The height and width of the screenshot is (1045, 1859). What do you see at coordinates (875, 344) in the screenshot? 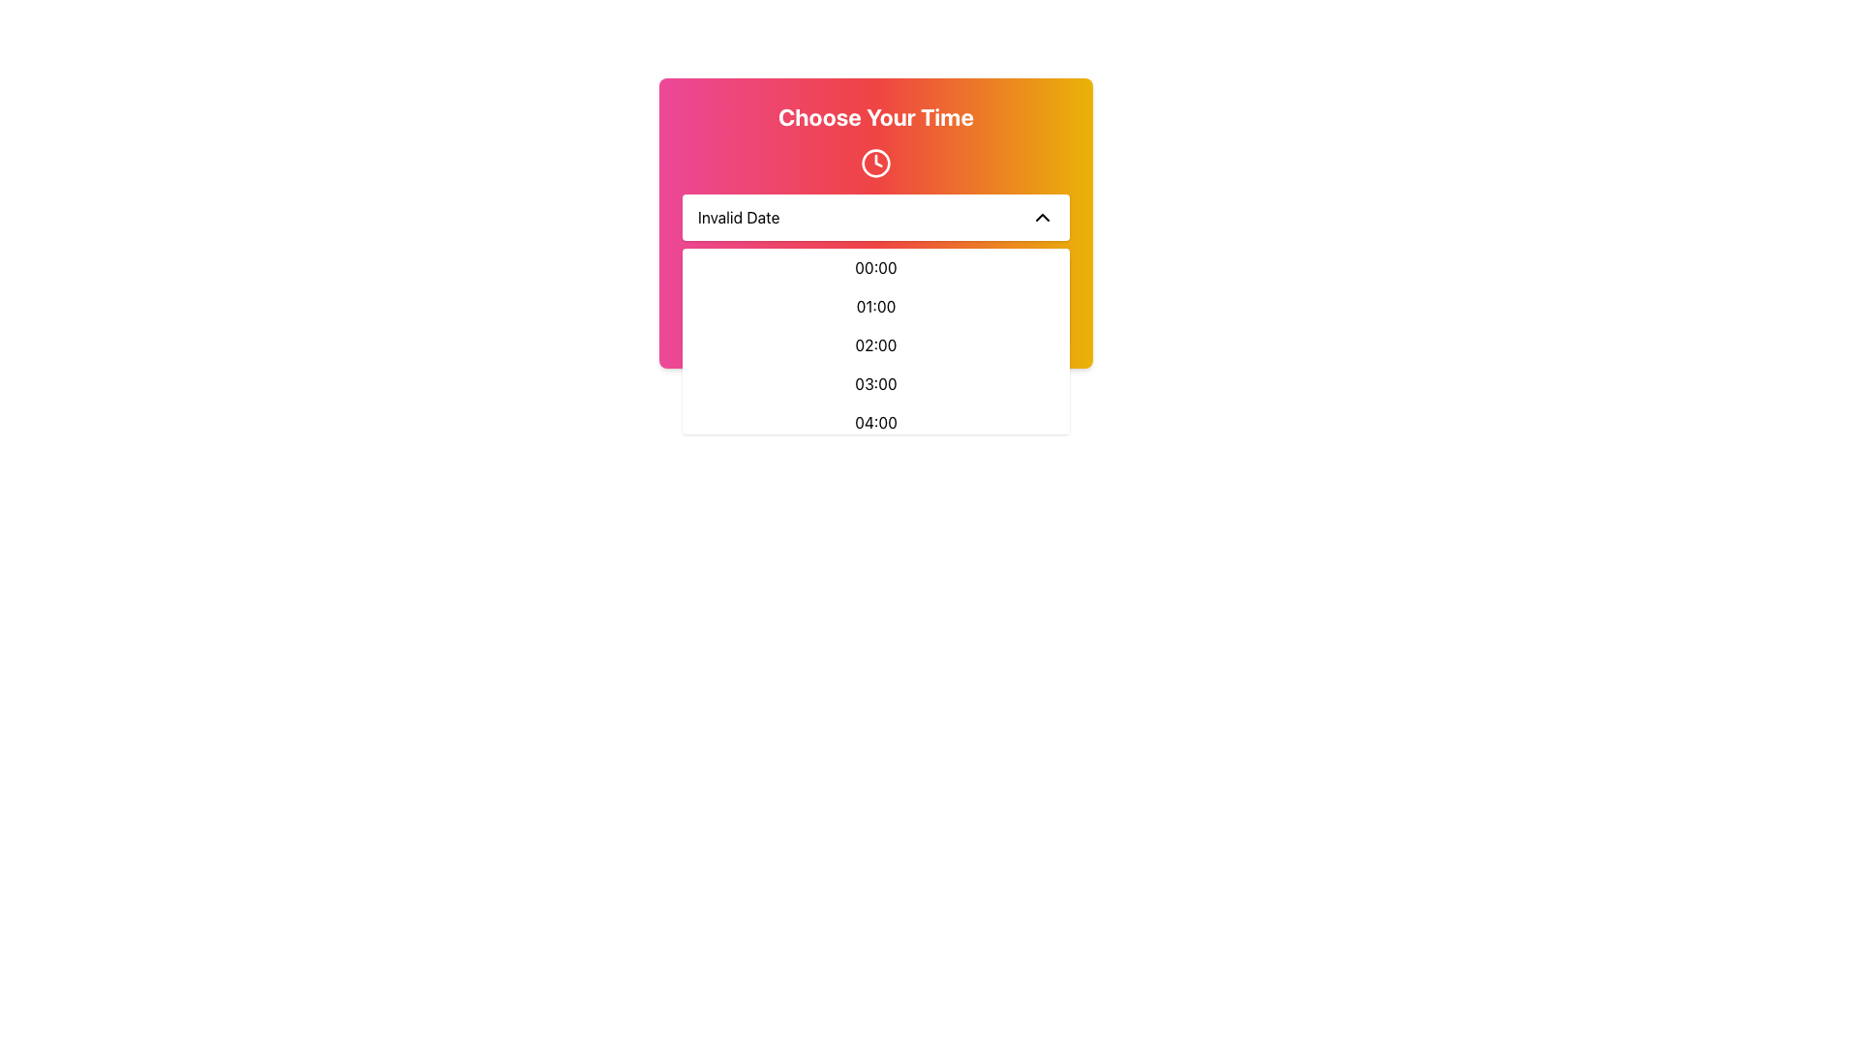
I see `the selectable list item displaying the text '02:00'` at bounding box center [875, 344].